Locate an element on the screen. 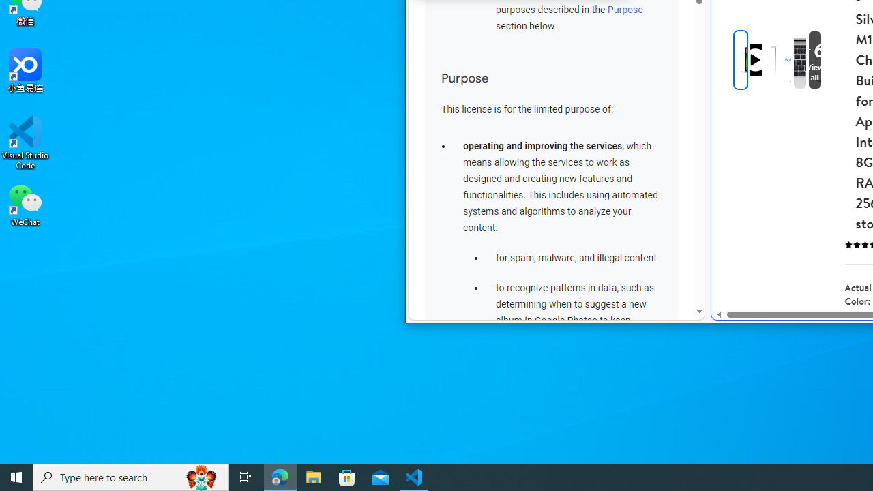 Image resolution: width=873 pixels, height=491 pixels. 'File Explorer' is located at coordinates (313, 476).